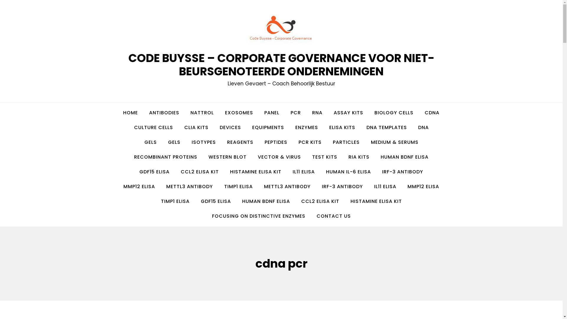 The height and width of the screenshot is (319, 567). What do you see at coordinates (258, 216) in the screenshot?
I see `'FOCUSING ON DISTINCTIVE ENZYMES'` at bounding box center [258, 216].